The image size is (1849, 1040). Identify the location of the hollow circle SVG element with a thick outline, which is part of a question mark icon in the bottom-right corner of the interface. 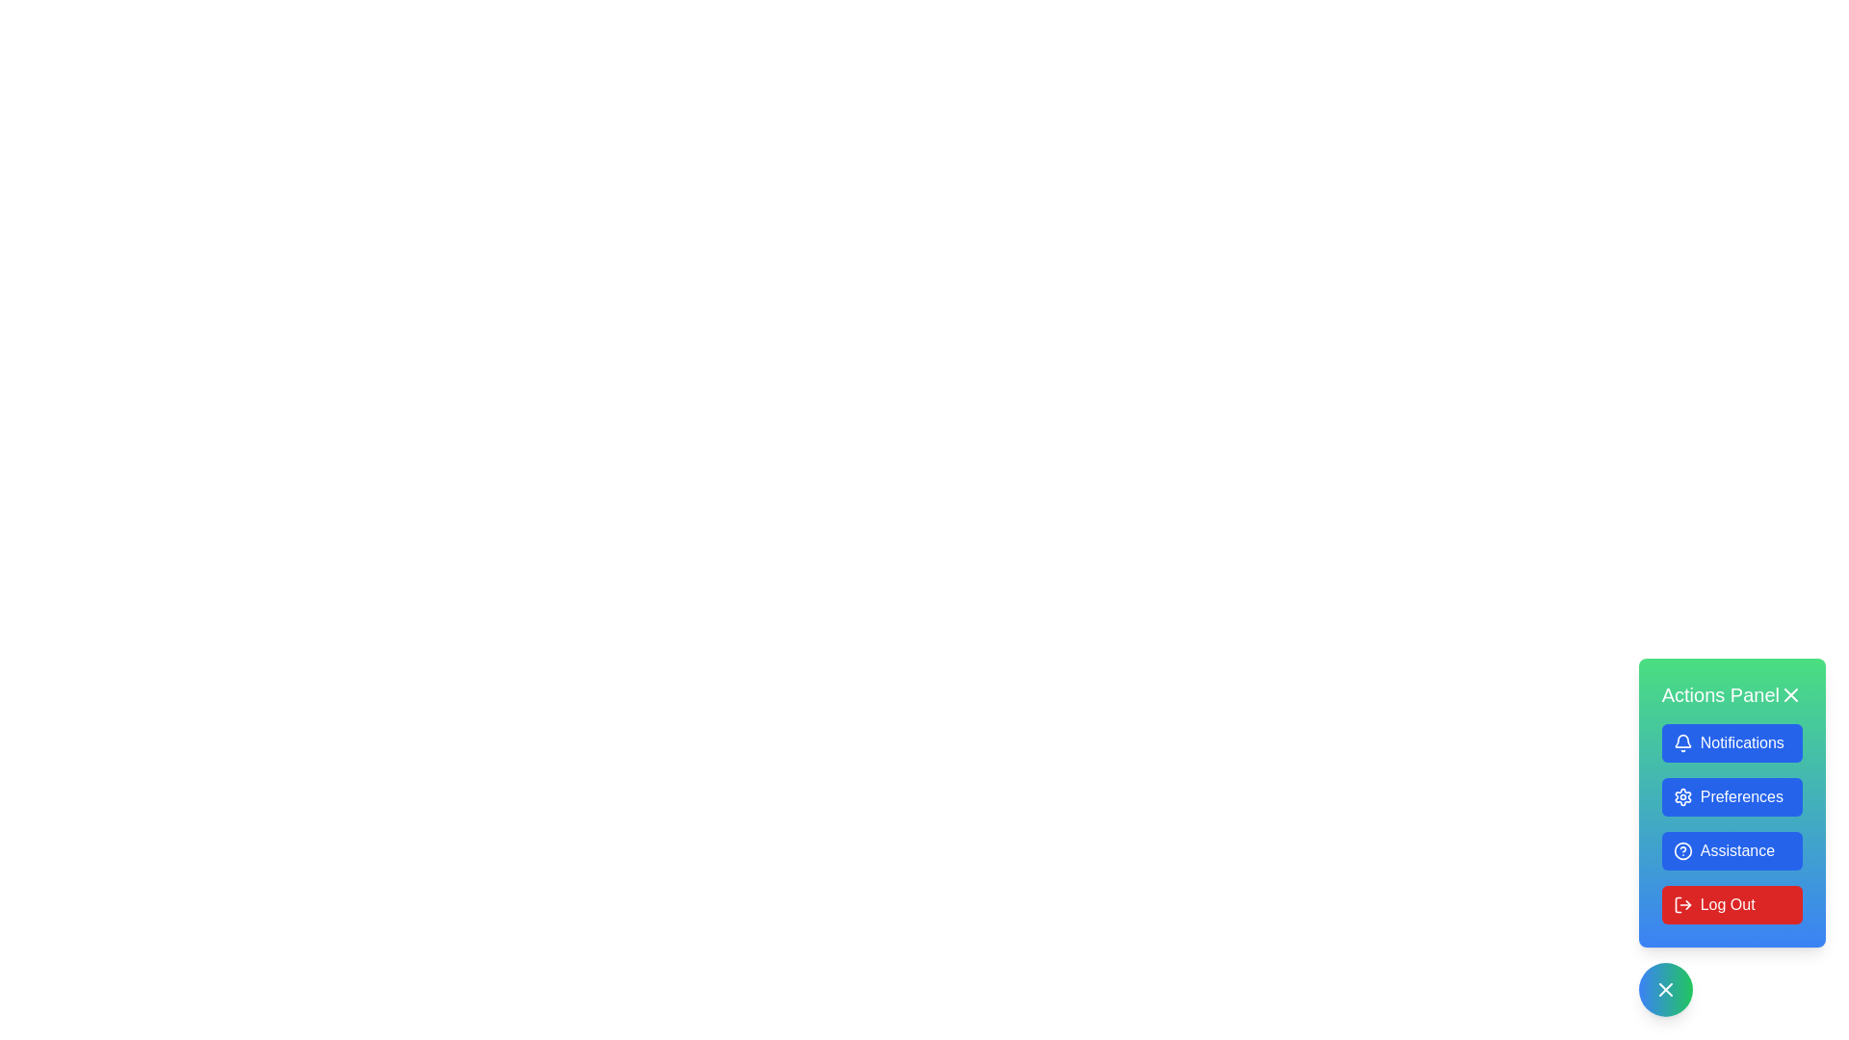
(1681, 849).